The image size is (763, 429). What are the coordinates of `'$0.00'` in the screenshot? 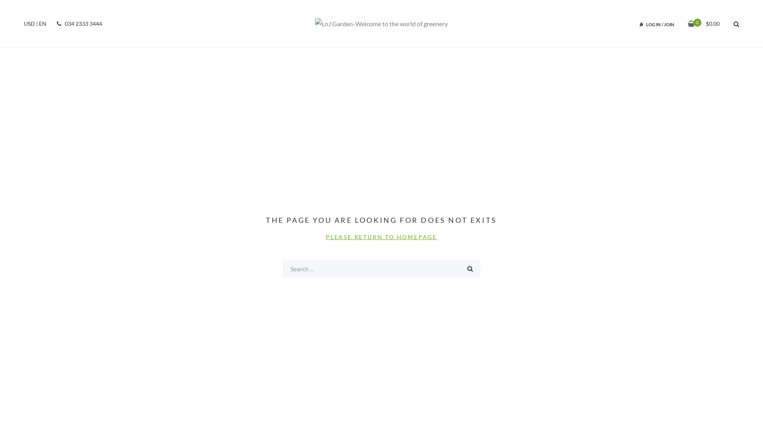 It's located at (694, 23).